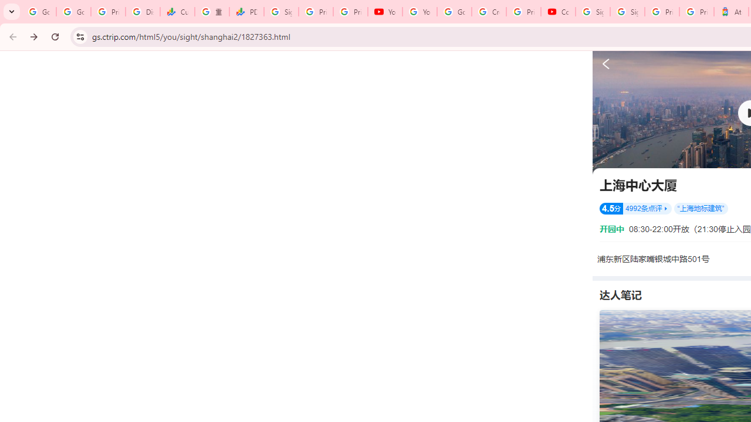 This screenshot has width=751, height=422. What do you see at coordinates (420, 12) in the screenshot?
I see `'YouTube'` at bounding box center [420, 12].